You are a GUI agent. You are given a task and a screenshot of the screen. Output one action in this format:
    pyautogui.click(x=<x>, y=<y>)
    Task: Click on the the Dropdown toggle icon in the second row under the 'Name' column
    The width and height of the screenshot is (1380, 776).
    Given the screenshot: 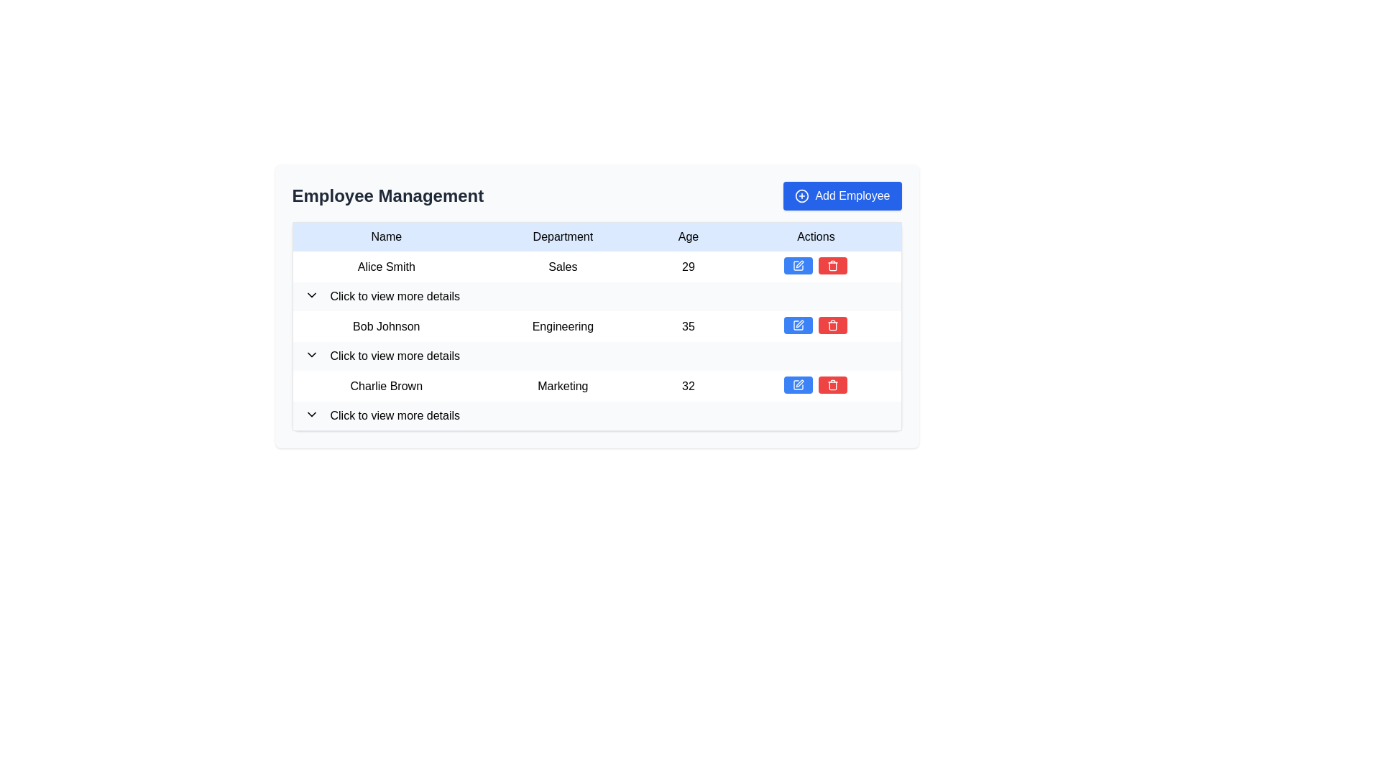 What is the action you would take?
    pyautogui.click(x=310, y=354)
    